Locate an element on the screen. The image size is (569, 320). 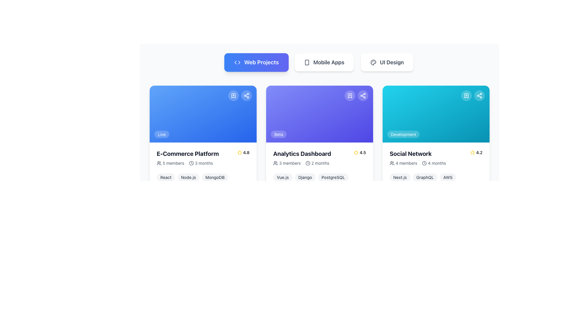
the circular button housing a share icon located in the top-right corner of the 'Social Network' card to activate a hover effect is located at coordinates (479, 95).